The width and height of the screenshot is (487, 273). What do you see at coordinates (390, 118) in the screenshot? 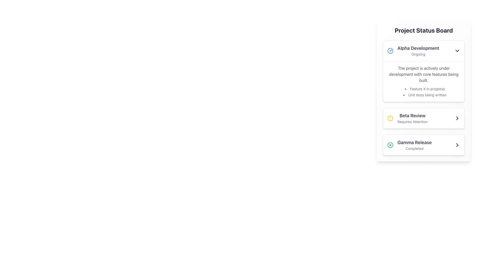
I see `the alert icon indicating the status of the 'Beta Review' item, which is located to the left of the text 'Beta Review' in the Project Status Board` at bounding box center [390, 118].